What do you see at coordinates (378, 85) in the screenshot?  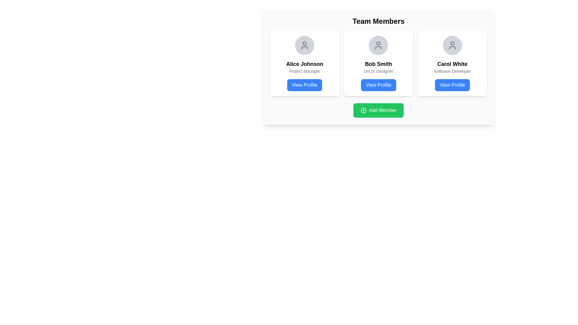 I see `the button that allows users to view the profile of Bob Smith` at bounding box center [378, 85].